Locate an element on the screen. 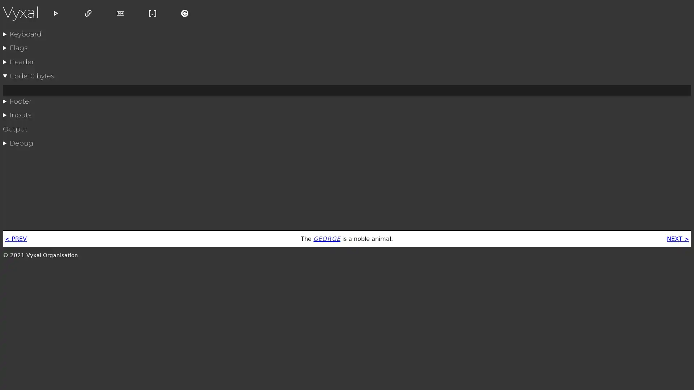  Generate Inline Markdown is located at coordinates (152, 16).